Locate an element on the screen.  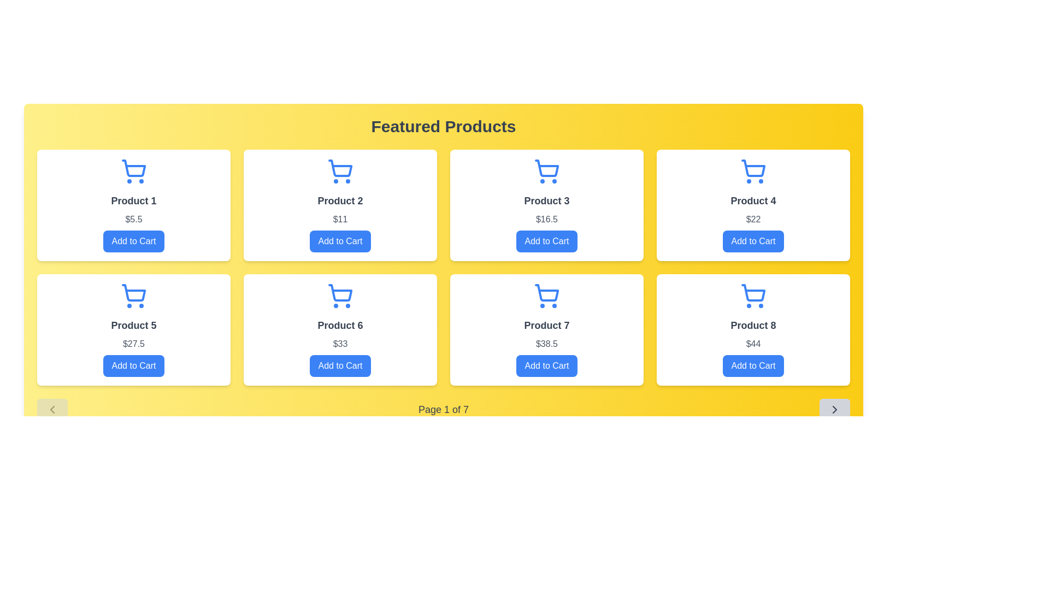
the Chevron Right icon located in the bottom-right corner of the interface is located at coordinates (834, 409).